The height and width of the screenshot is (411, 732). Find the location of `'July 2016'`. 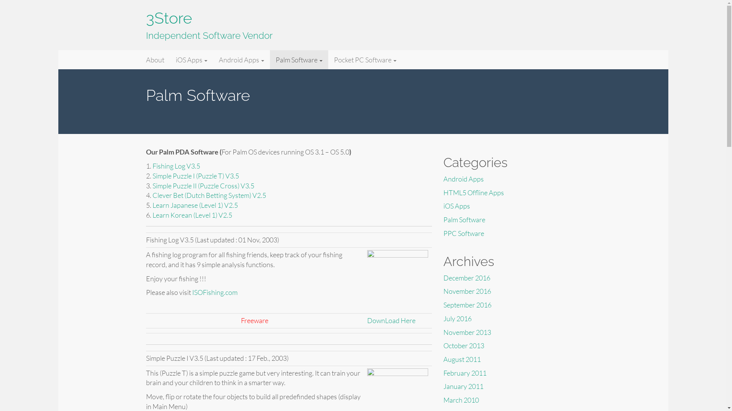

'July 2016' is located at coordinates (457, 319).